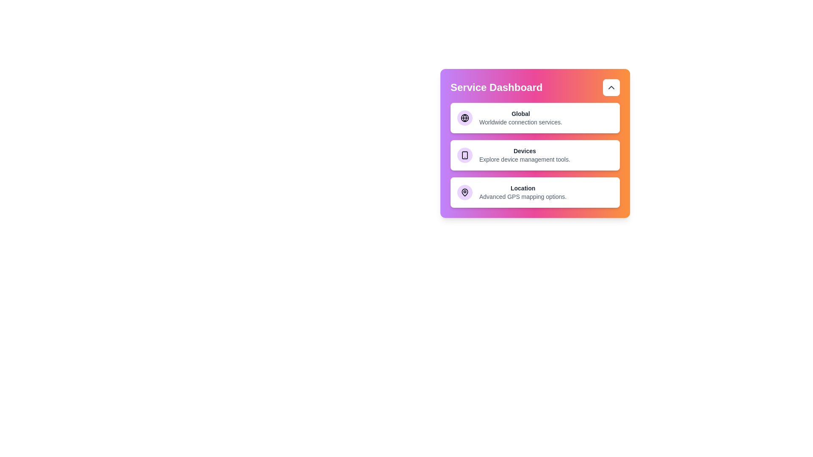 The image size is (813, 457). Describe the element at coordinates (534, 155) in the screenshot. I see `the Devices service card to select it` at that location.